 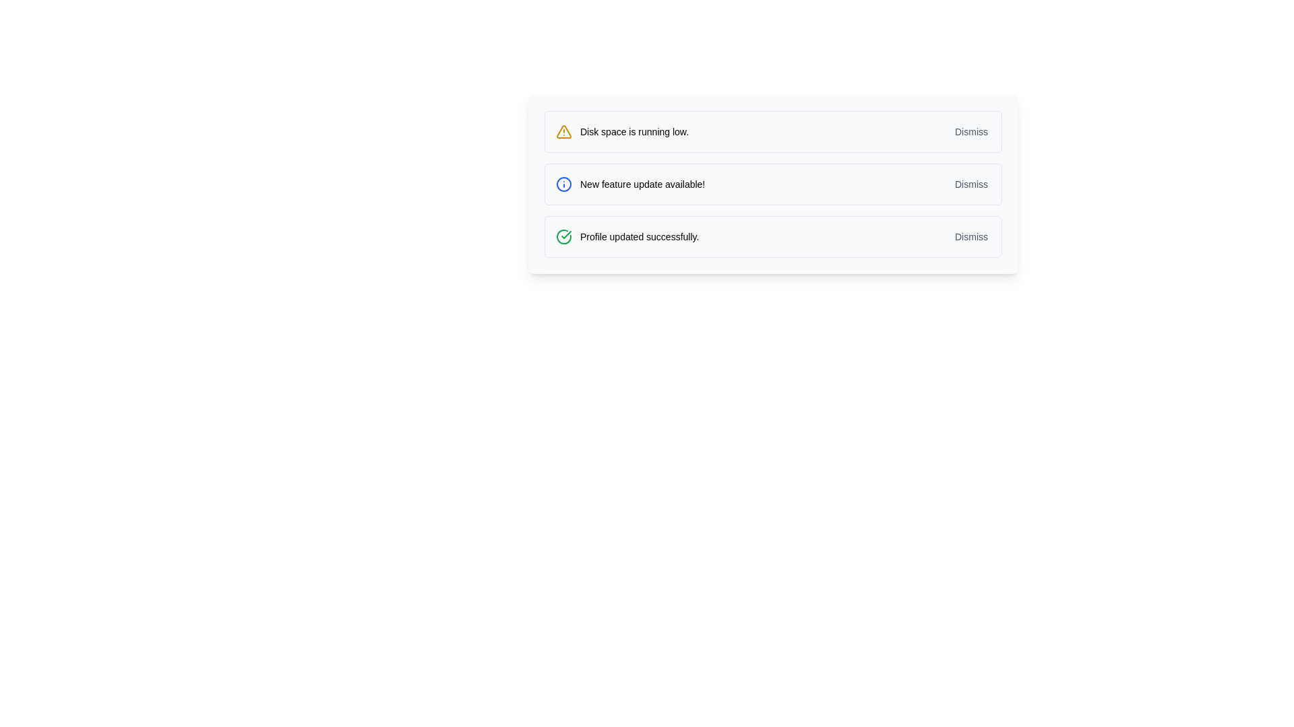 I want to click on the 'Dismiss' button on the Notification component that conveys the message 'Profile updated successfully.', so click(x=773, y=236).